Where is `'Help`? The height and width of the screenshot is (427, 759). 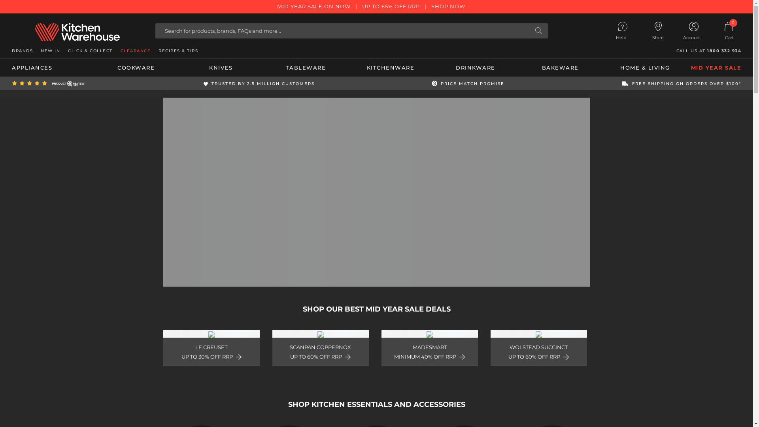 'Help is located at coordinates (604, 32).